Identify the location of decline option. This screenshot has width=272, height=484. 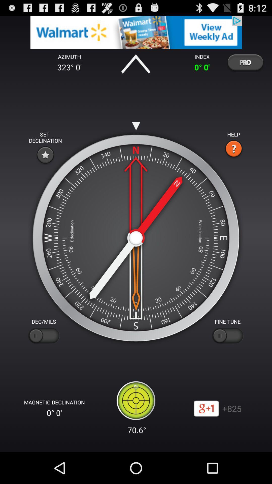
(45, 155).